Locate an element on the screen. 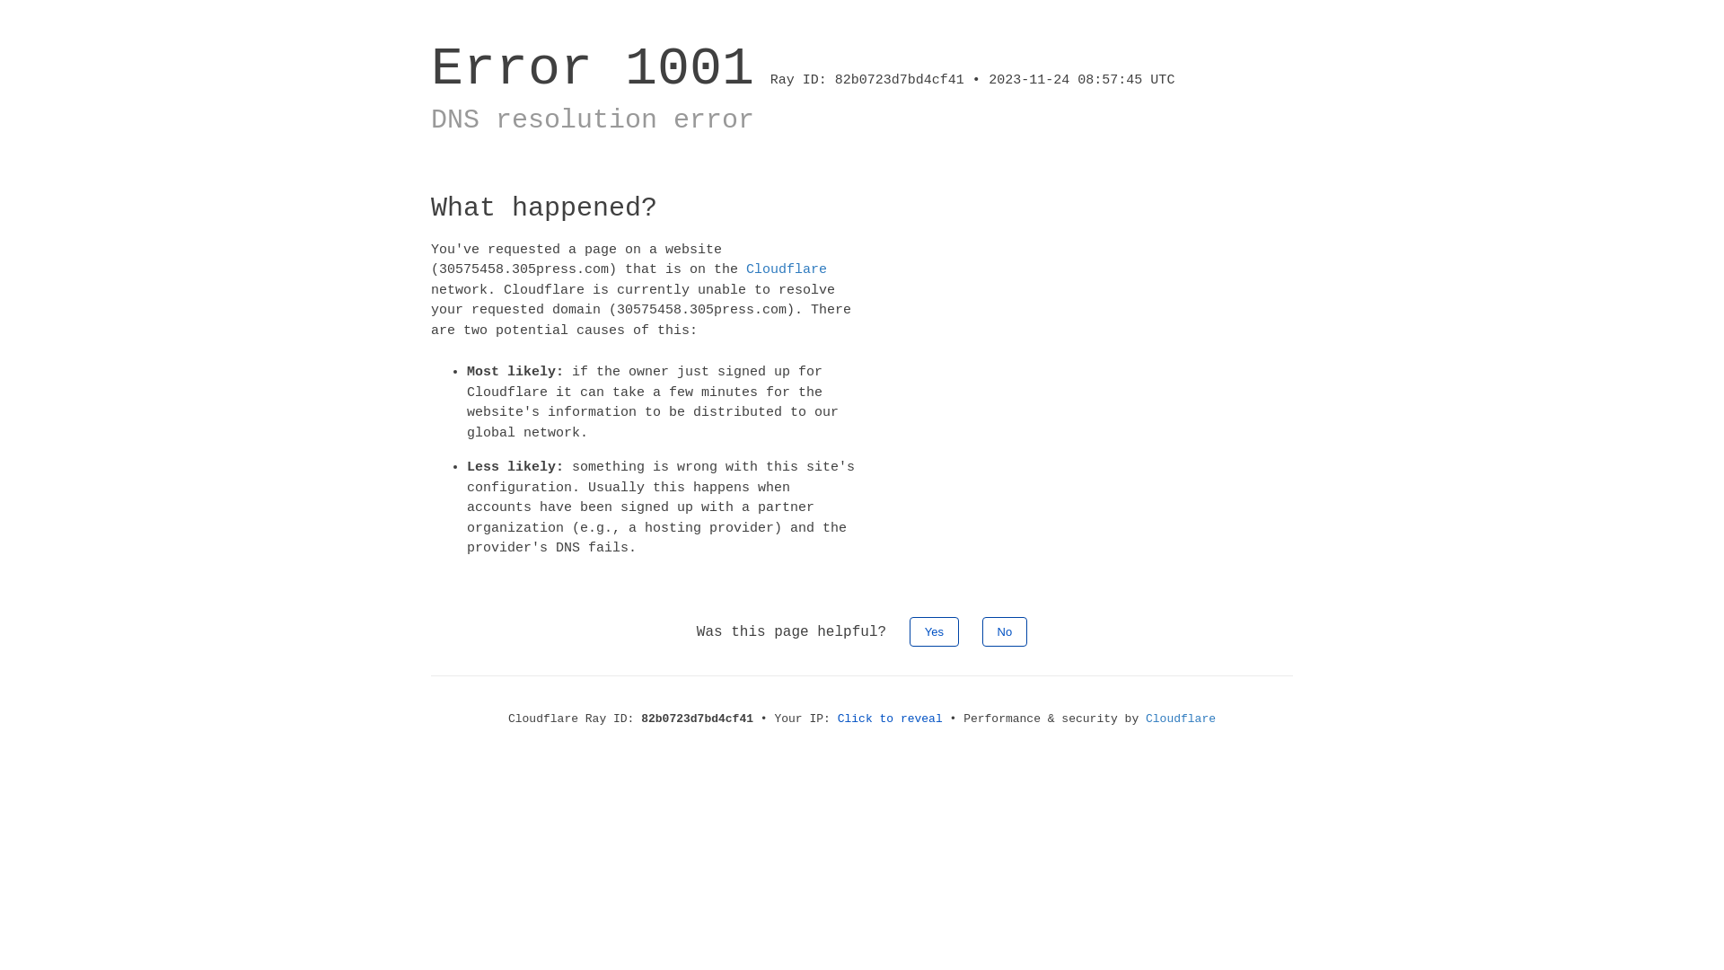 The height and width of the screenshot is (970, 1724). 'No' is located at coordinates (1004, 630).